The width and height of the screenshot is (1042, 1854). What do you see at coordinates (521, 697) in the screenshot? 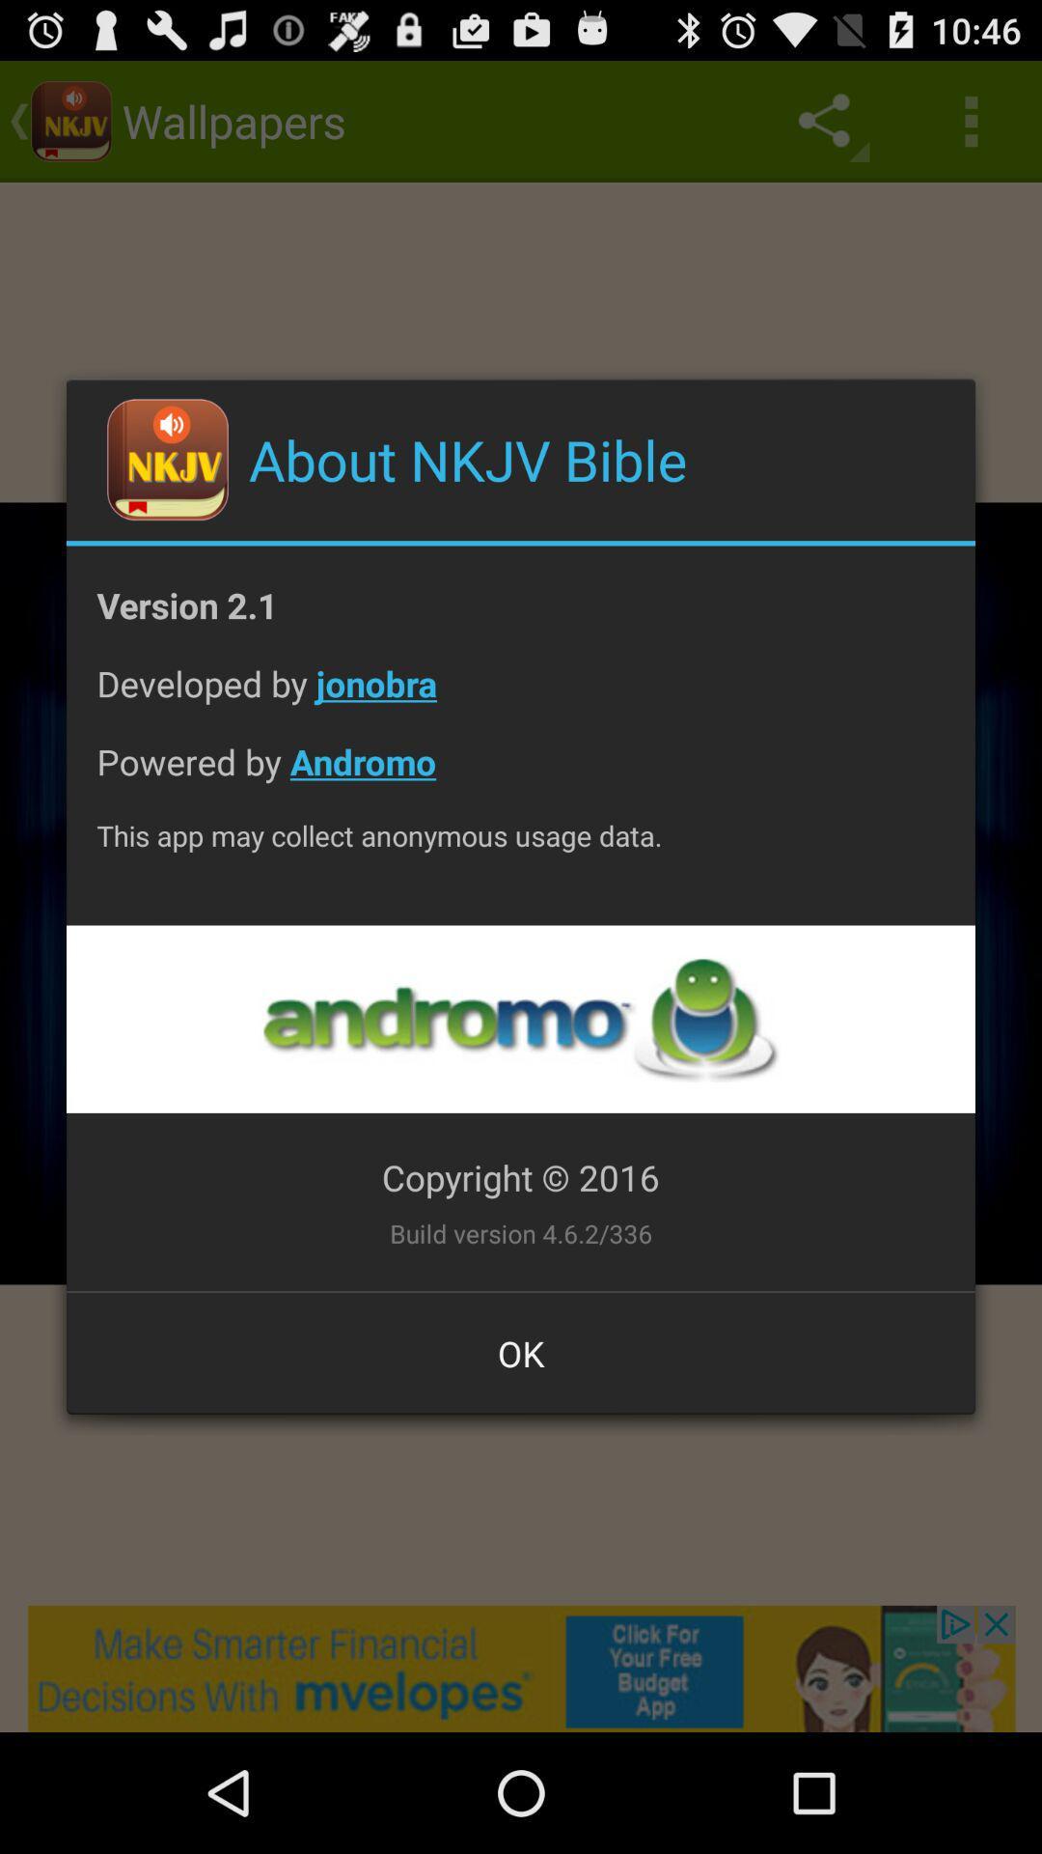
I see `icon above powered by andromo icon` at bounding box center [521, 697].